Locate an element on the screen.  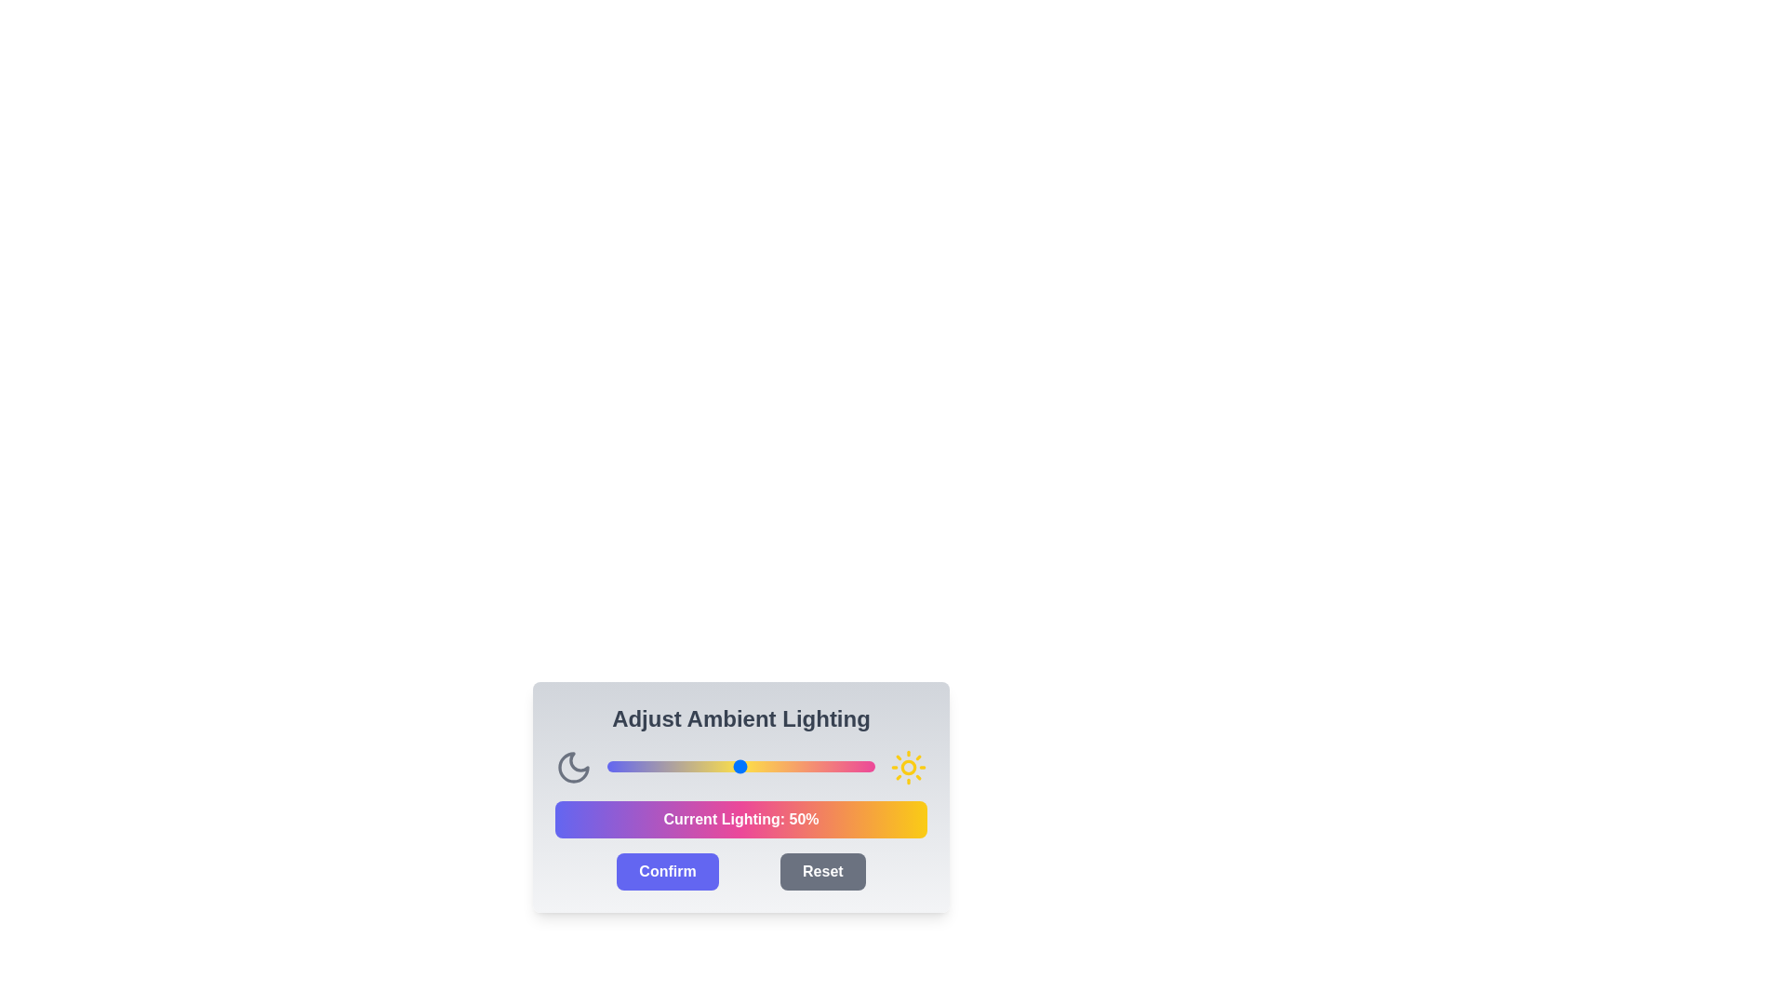
the light intensity slider to 71% is located at coordinates (797, 767).